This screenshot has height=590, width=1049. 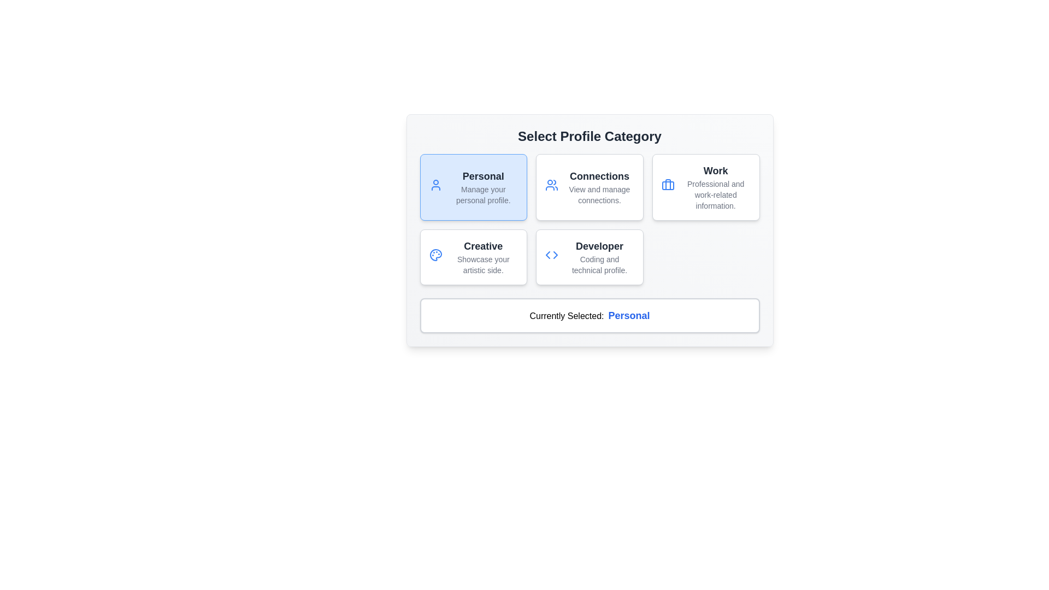 I want to click on the 'Connections' text block, which features a bold, dark gray title and a lighter gray subtitle, so click(x=599, y=187).